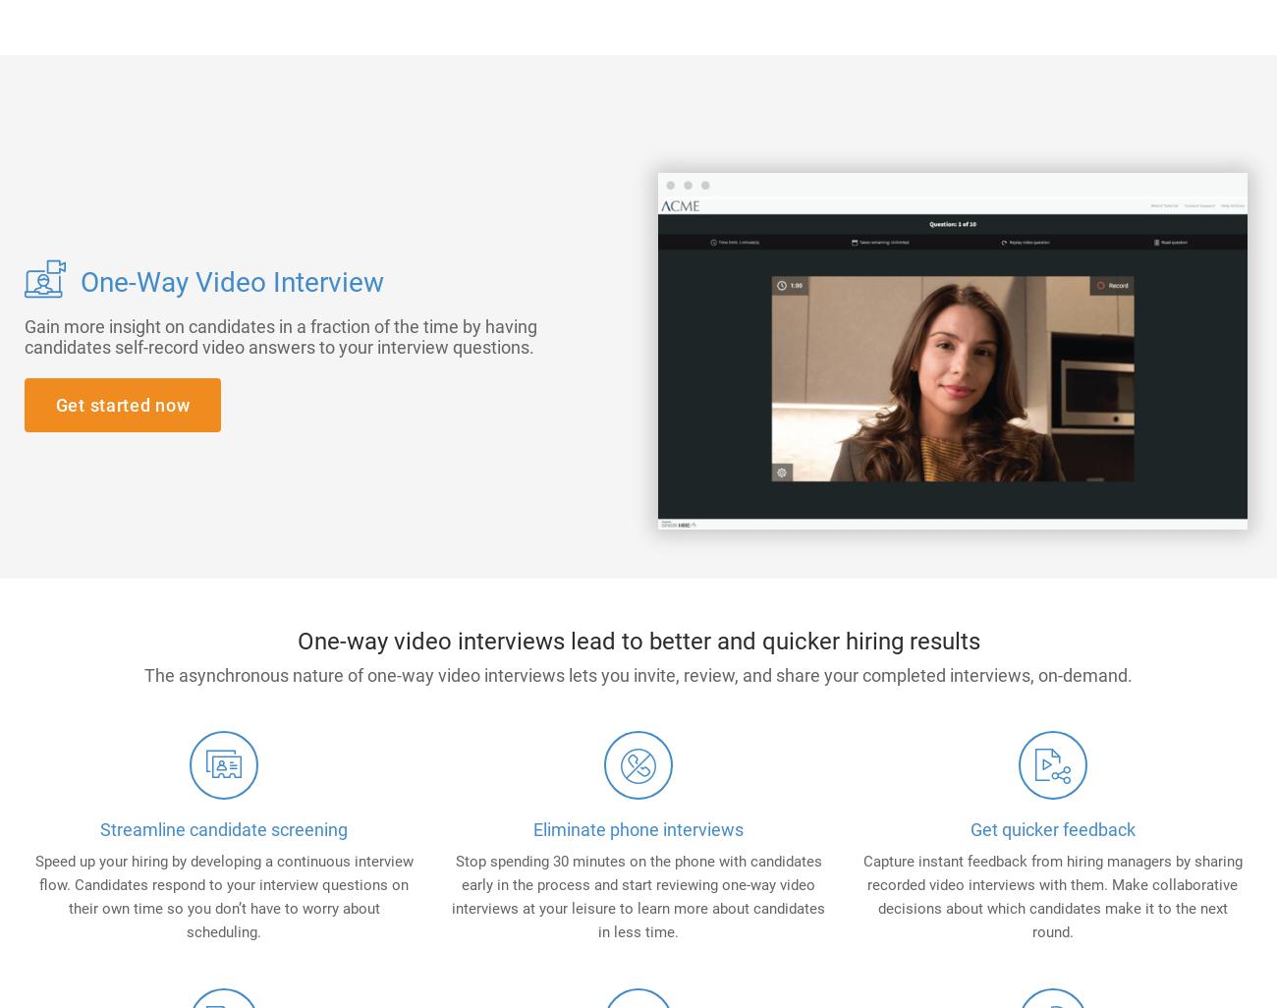 This screenshot has height=1008, width=1277. What do you see at coordinates (946, 88) in the screenshot?
I see `'Pricing'` at bounding box center [946, 88].